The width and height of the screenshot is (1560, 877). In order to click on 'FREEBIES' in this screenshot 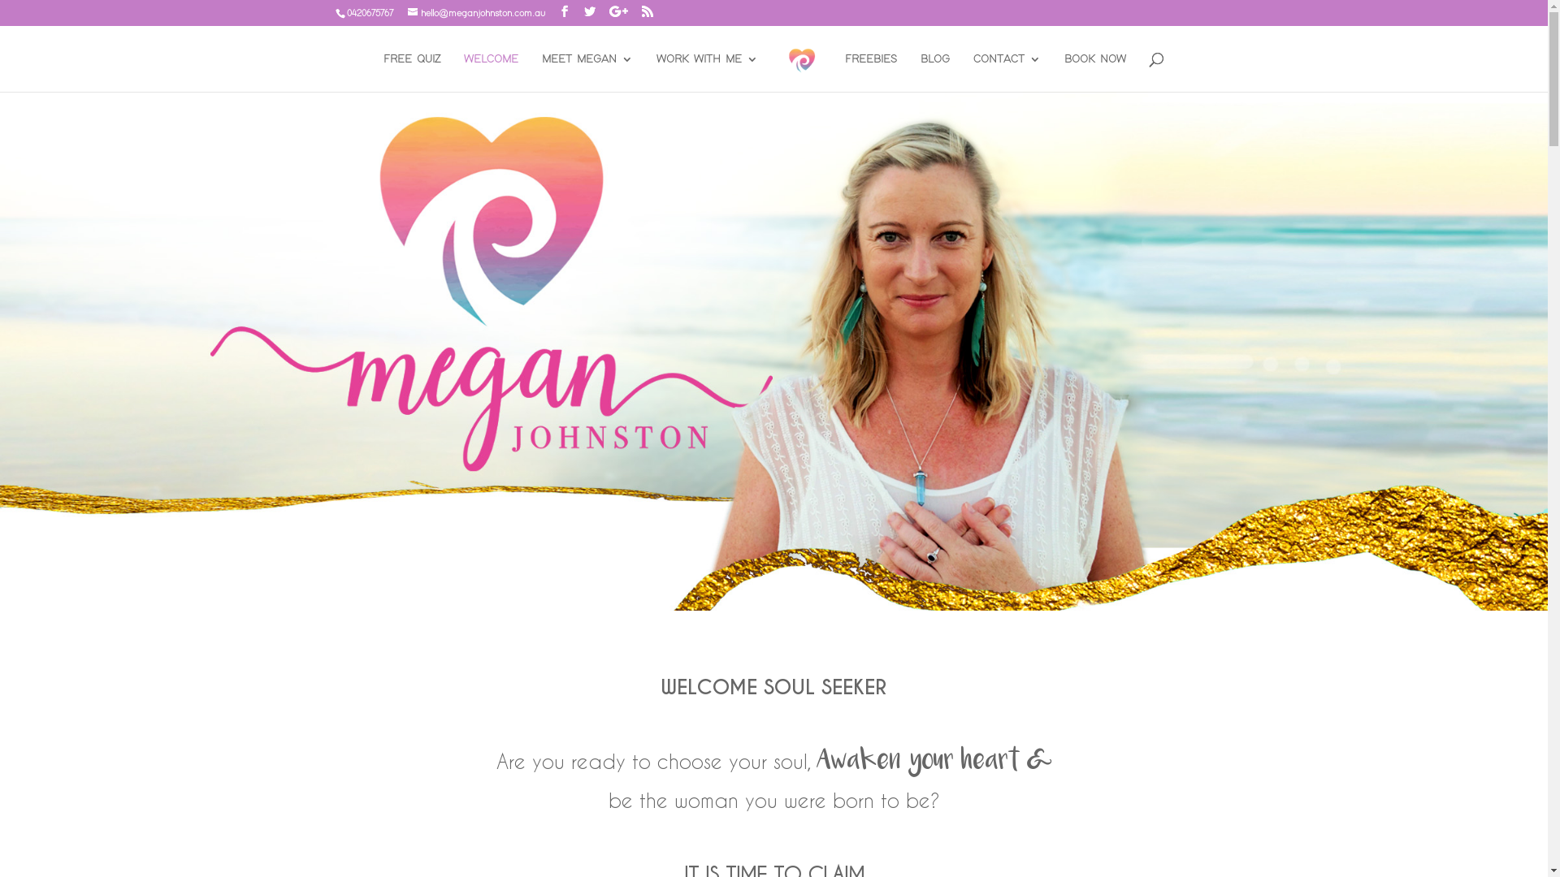, I will do `click(869, 71)`.